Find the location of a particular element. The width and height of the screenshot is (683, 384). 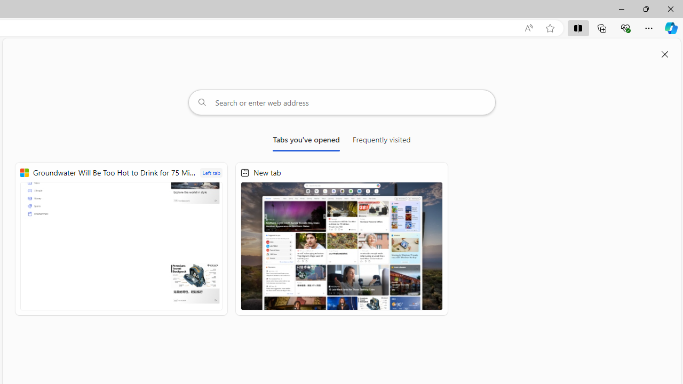

'Settings and more (Alt+F)' is located at coordinates (648, 27).